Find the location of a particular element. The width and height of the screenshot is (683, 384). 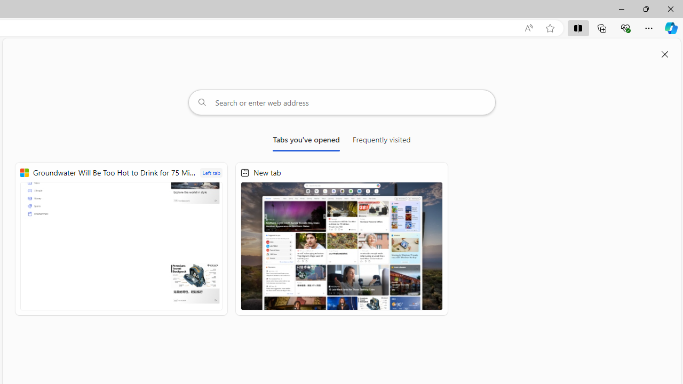

'Settings and more (Alt+F)' is located at coordinates (648, 27).